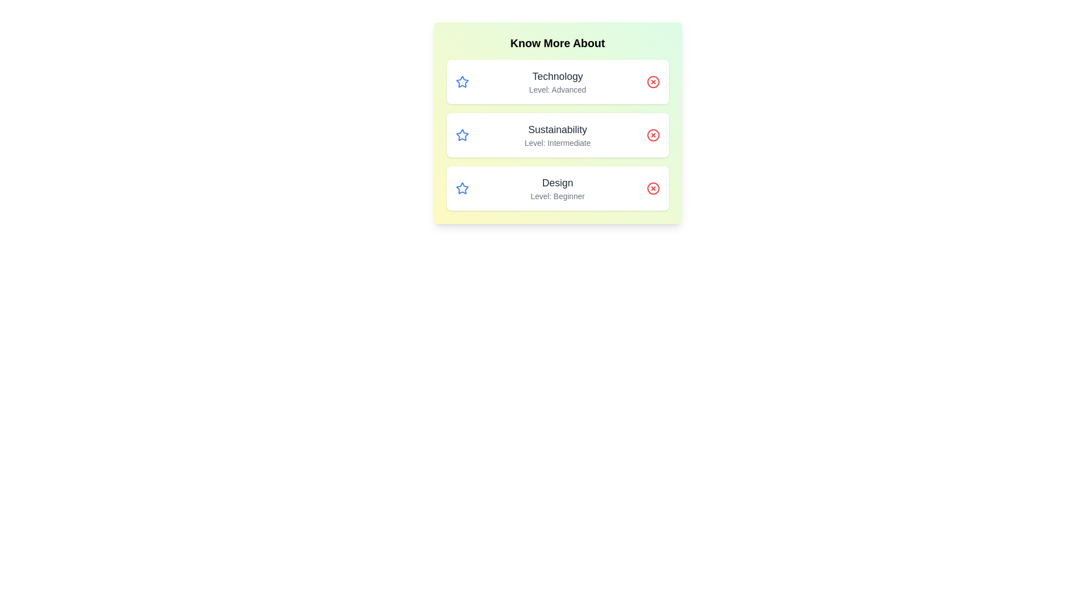  Describe the element at coordinates (462, 187) in the screenshot. I see `the star icon for the topic Design to mark it as favorite` at that location.